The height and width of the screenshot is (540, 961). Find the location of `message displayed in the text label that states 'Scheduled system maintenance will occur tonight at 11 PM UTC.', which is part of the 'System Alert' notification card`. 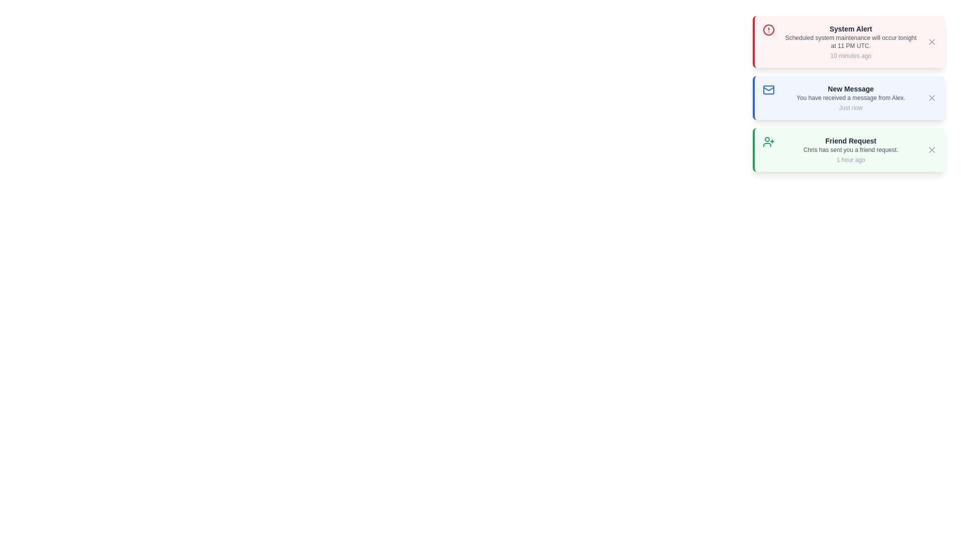

message displayed in the text label that states 'Scheduled system maintenance will occur tonight at 11 PM UTC.', which is part of the 'System Alert' notification card is located at coordinates (850, 41).